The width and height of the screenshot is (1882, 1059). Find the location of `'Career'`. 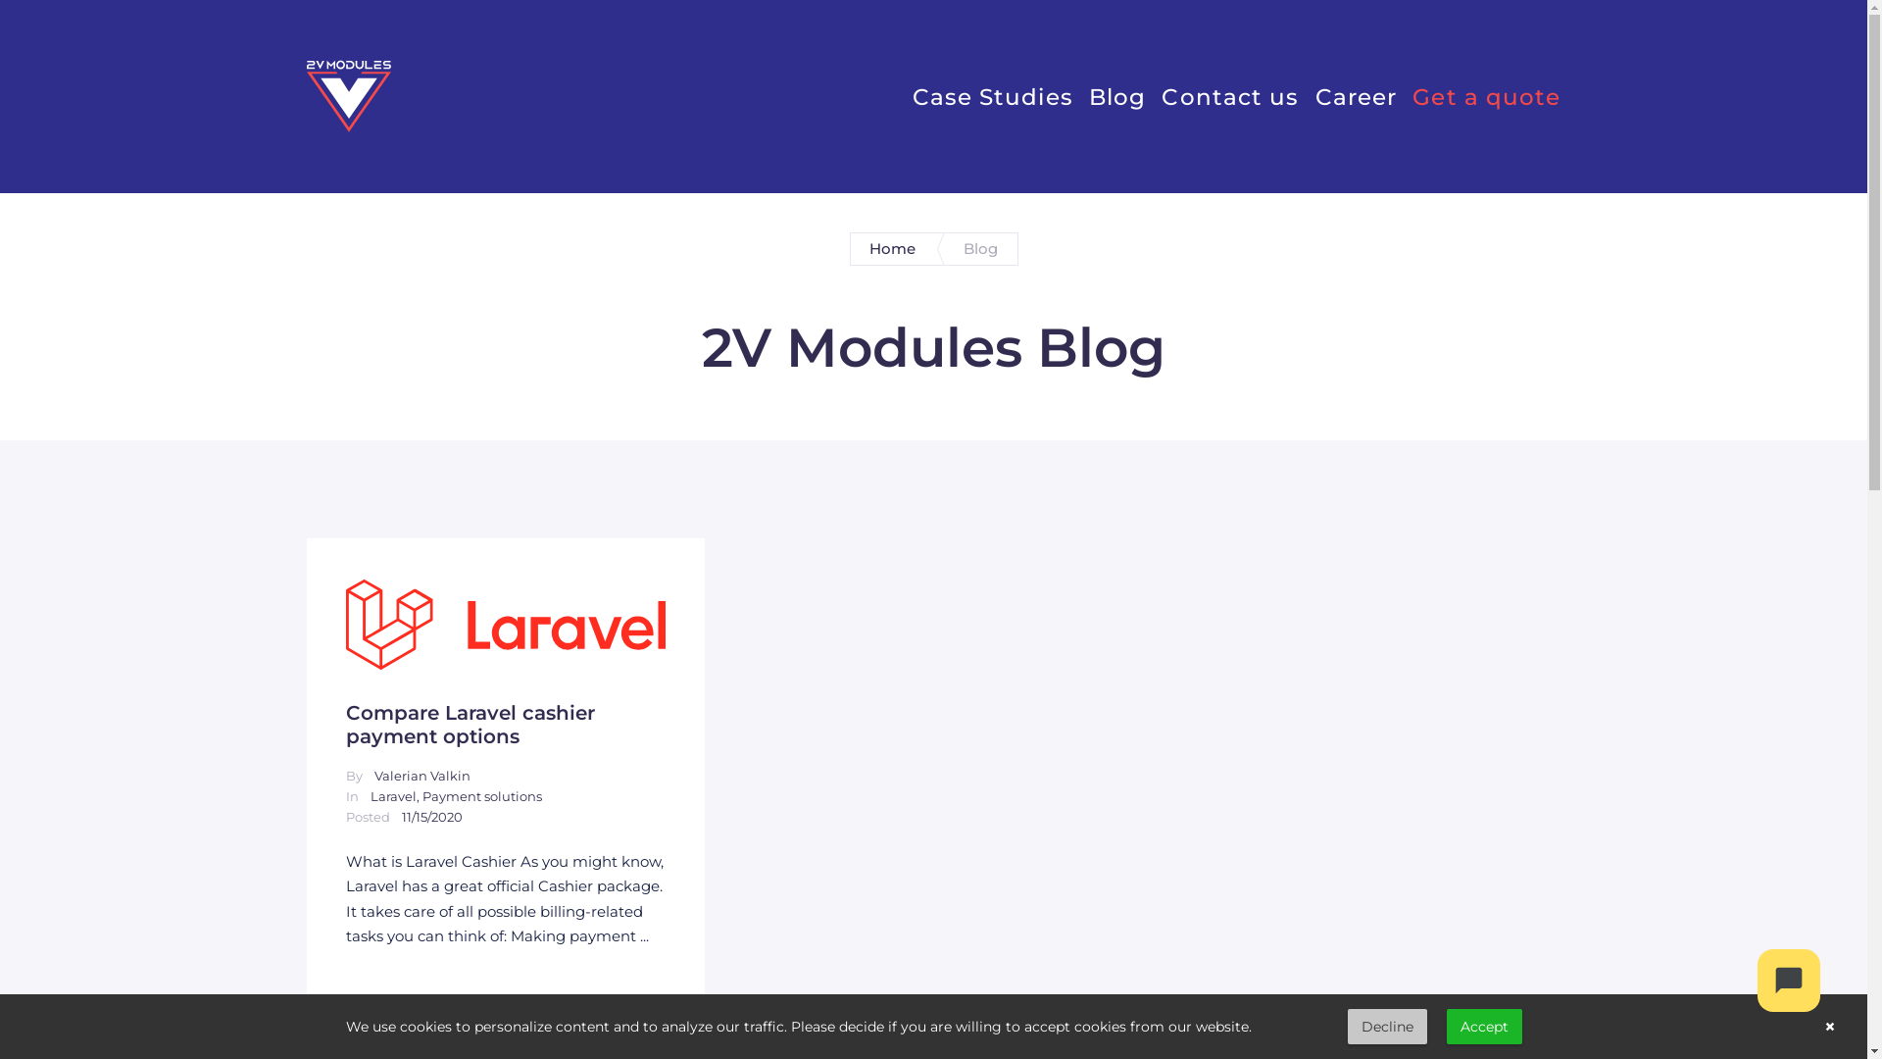

'Career' is located at coordinates (1355, 95).